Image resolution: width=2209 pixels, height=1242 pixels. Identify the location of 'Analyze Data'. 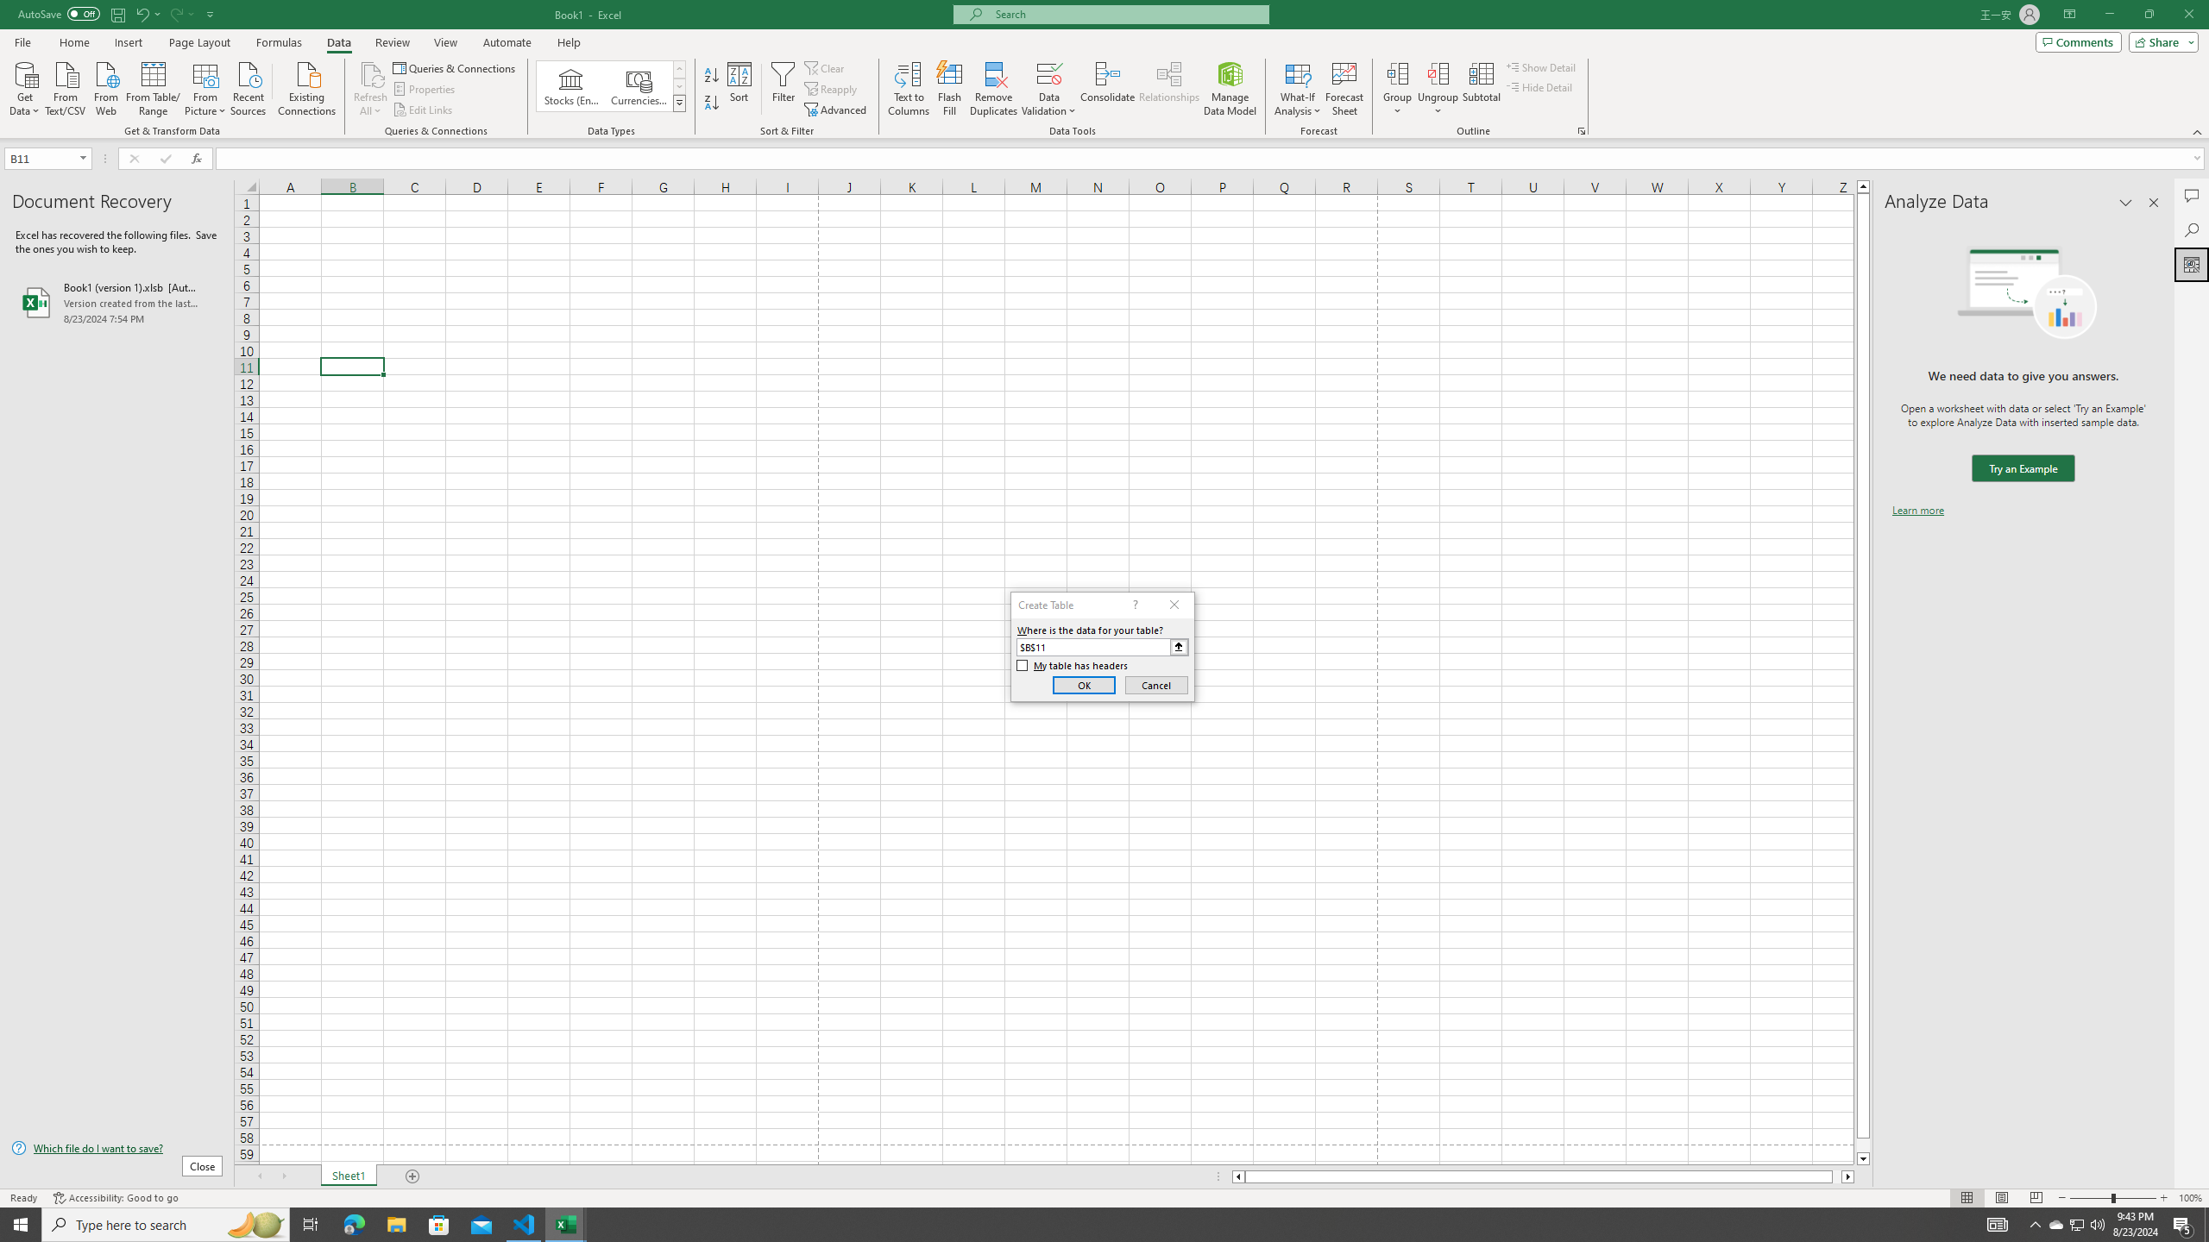
(2191, 264).